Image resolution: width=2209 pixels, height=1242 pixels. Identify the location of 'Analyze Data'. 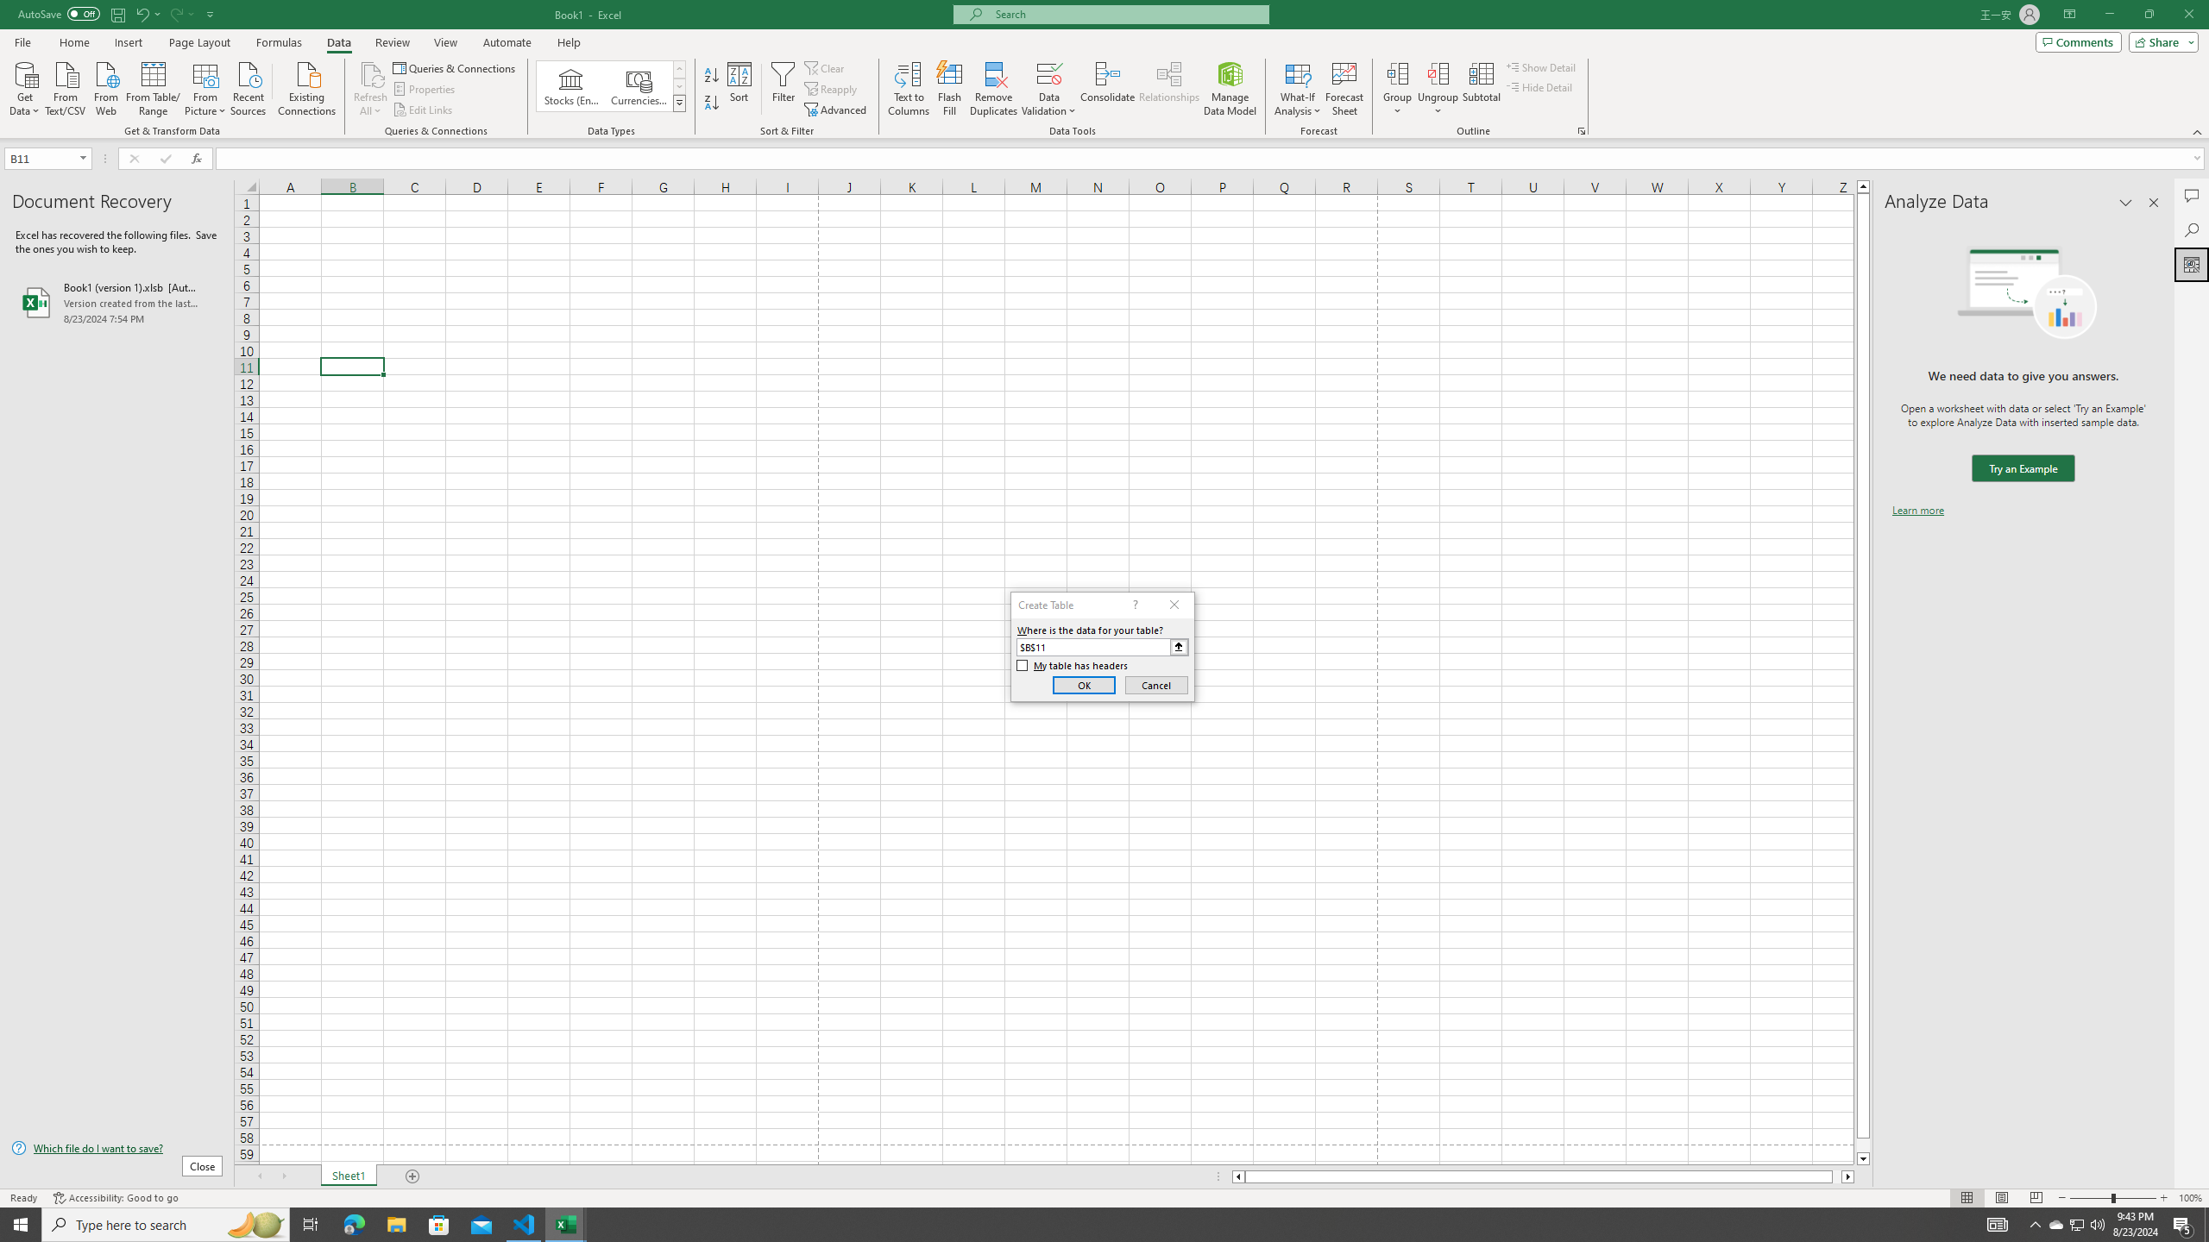
(2191, 264).